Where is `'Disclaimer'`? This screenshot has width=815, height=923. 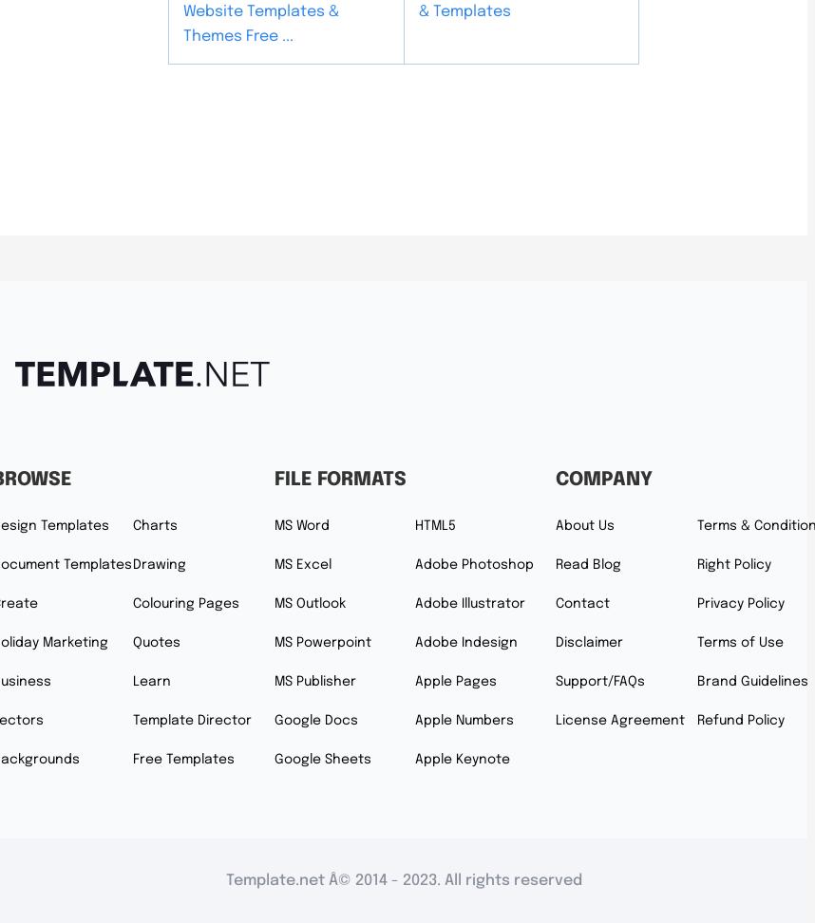 'Disclaimer' is located at coordinates (589, 641).